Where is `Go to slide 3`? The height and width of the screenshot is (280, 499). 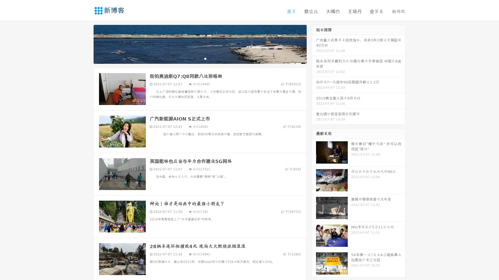 Go to slide 3 is located at coordinates (205, 58).